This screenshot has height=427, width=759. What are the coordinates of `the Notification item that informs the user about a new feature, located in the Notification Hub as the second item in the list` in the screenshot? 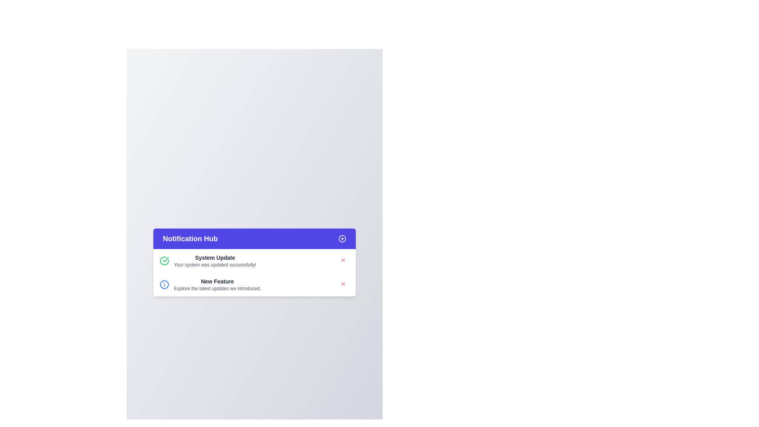 It's located at (210, 285).